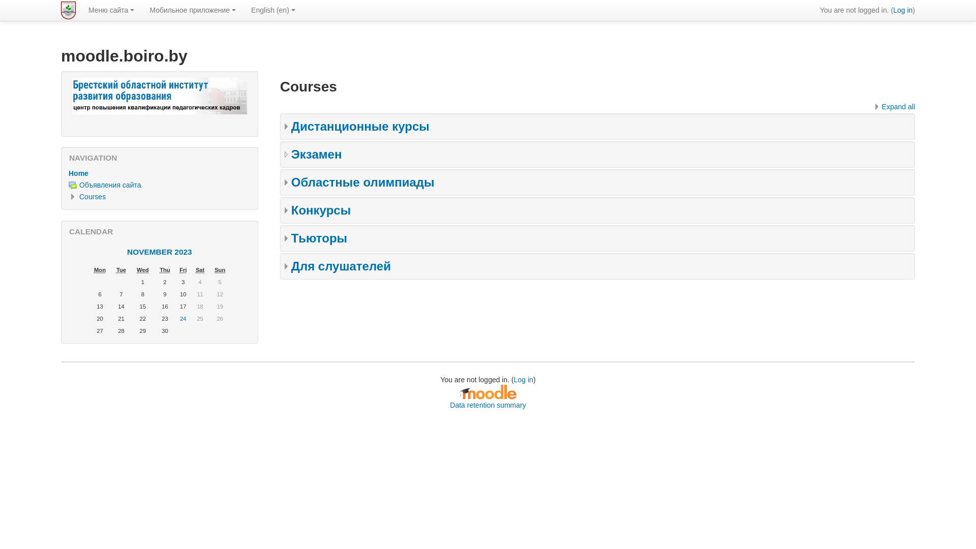 The image size is (976, 549). What do you see at coordinates (78, 172) in the screenshot?
I see `'Home'` at bounding box center [78, 172].